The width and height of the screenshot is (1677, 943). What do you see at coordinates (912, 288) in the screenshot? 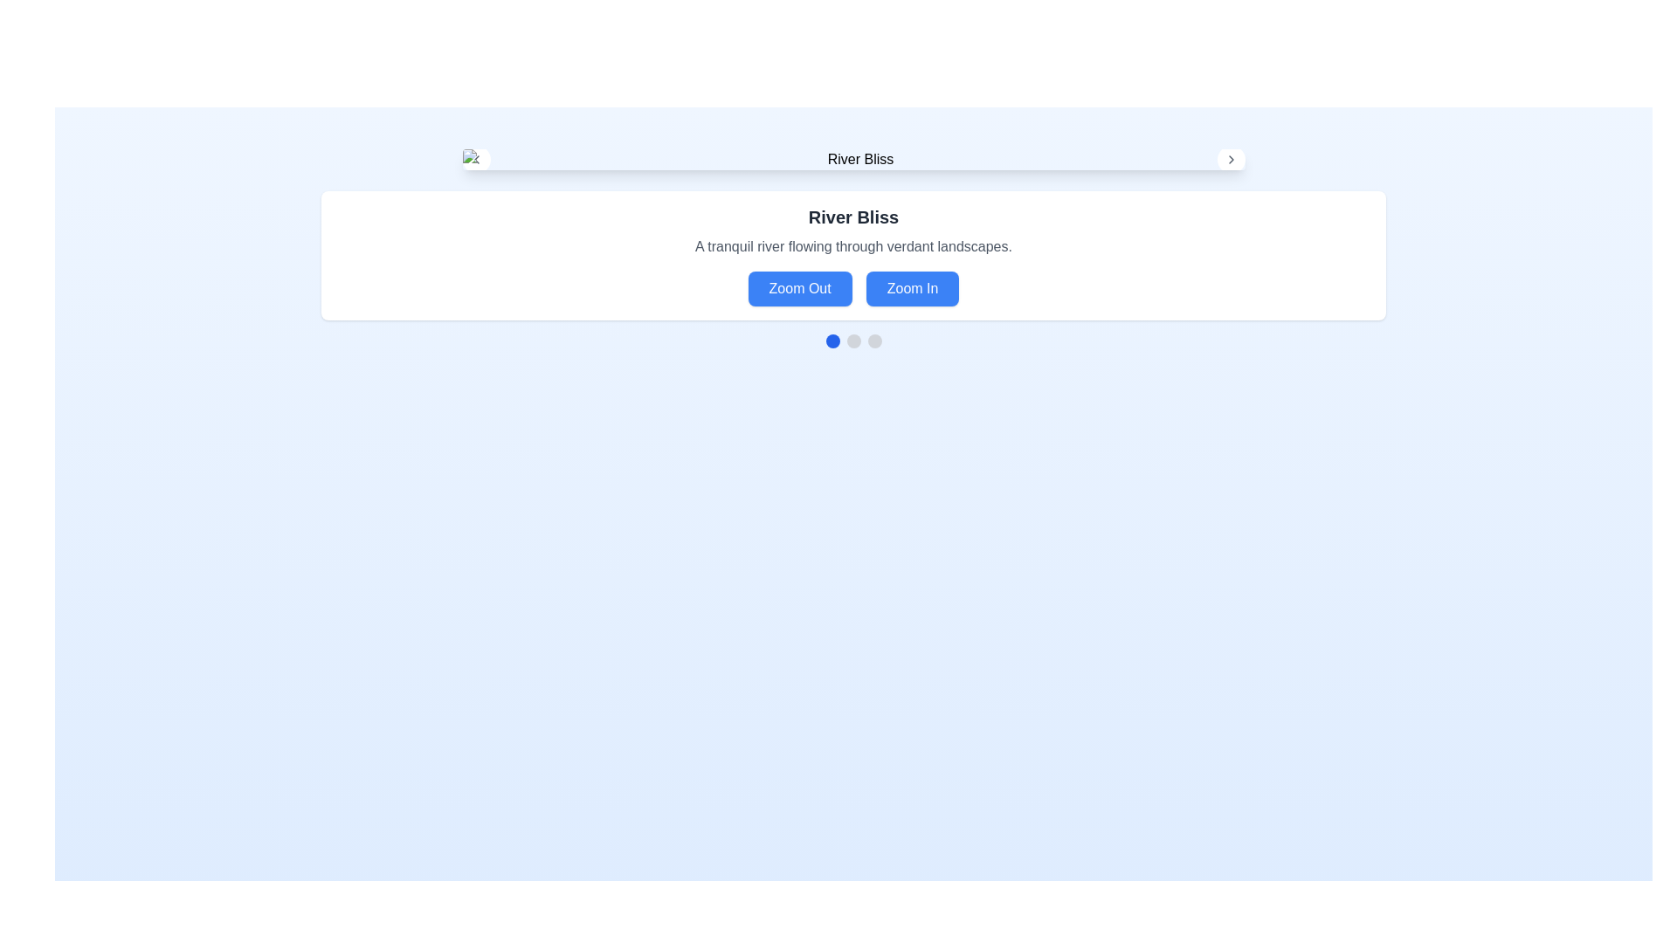
I see `the 'Zoom In' button with a blue background and white text for accessibility purposes` at bounding box center [912, 288].